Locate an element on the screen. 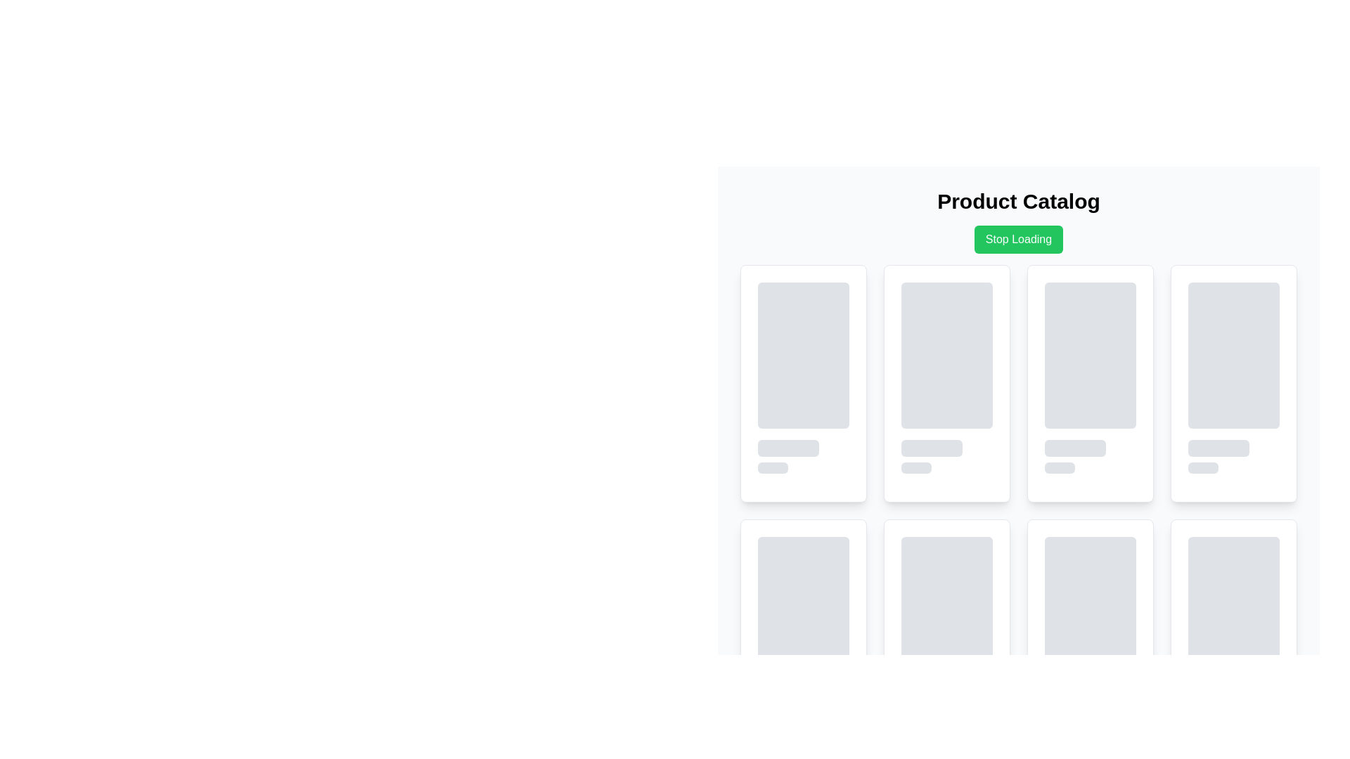  the first Placeholder Card in the grid layout, which indicates loading content and maintains layout consistency during data fetch is located at coordinates (803, 384).